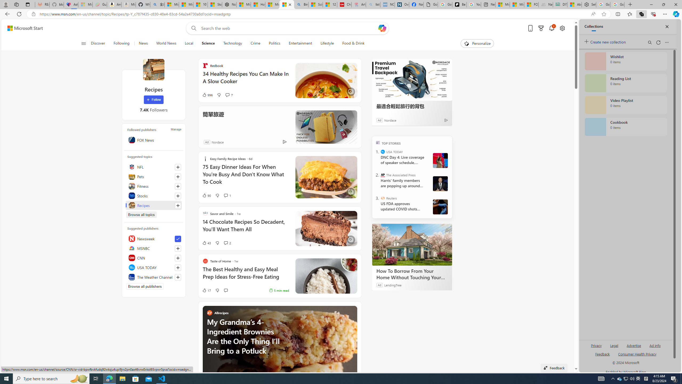 This screenshot has height=384, width=682. What do you see at coordinates (153, 248) in the screenshot?
I see `'MSNBC'` at bounding box center [153, 248].